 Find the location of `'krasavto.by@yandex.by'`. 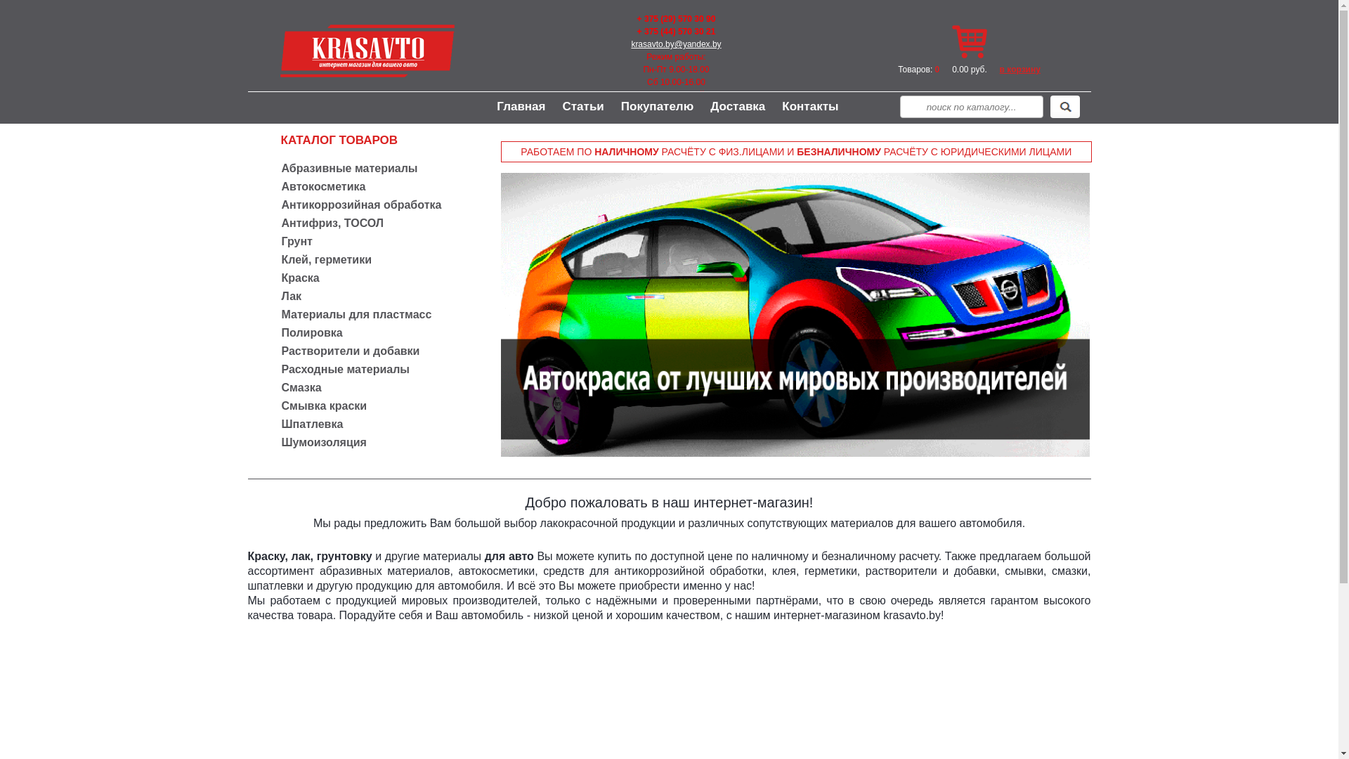

'krasavto.by@yandex.by' is located at coordinates (675, 43).